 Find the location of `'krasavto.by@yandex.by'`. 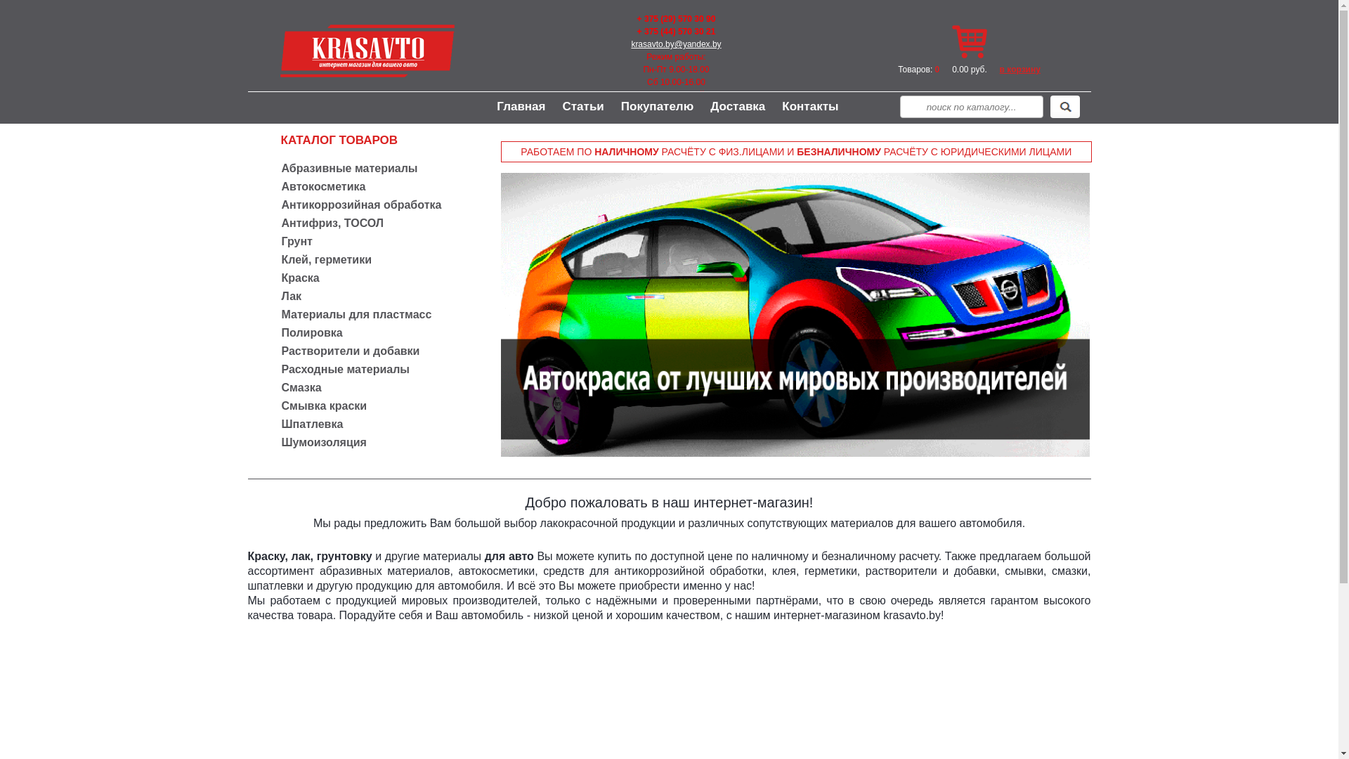

'krasavto.by@yandex.by' is located at coordinates (675, 43).